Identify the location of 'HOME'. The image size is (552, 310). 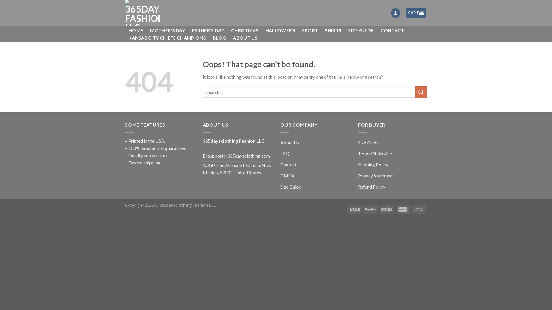
(135, 30).